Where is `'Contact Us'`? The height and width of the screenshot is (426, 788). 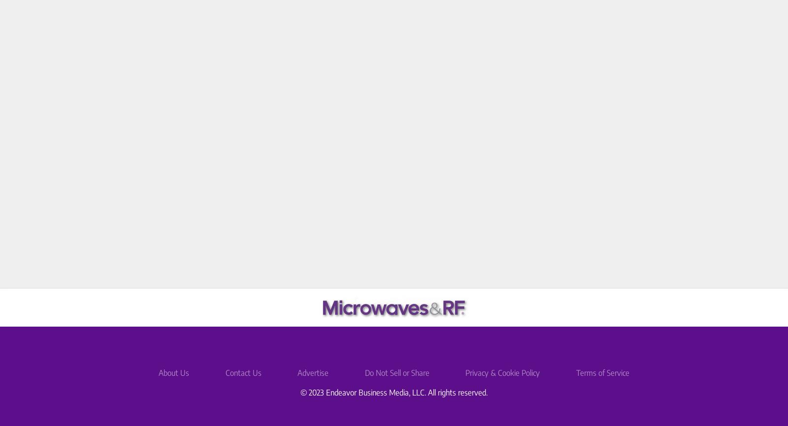 'Contact Us' is located at coordinates (242, 371).